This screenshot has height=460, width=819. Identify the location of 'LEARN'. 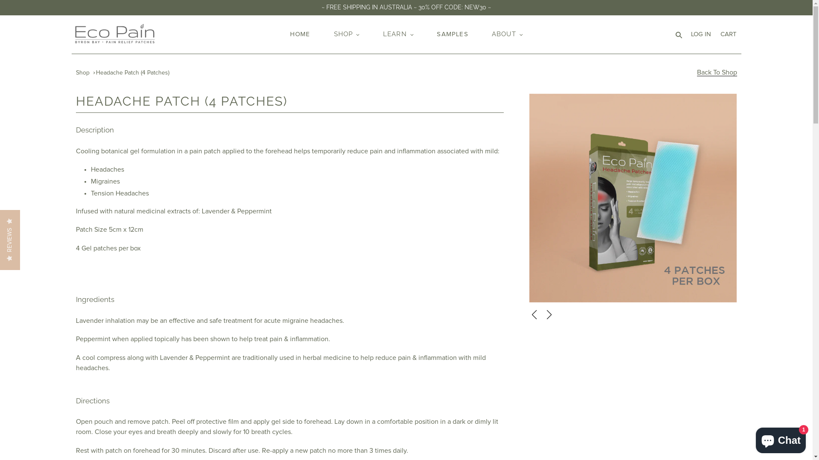
(398, 34).